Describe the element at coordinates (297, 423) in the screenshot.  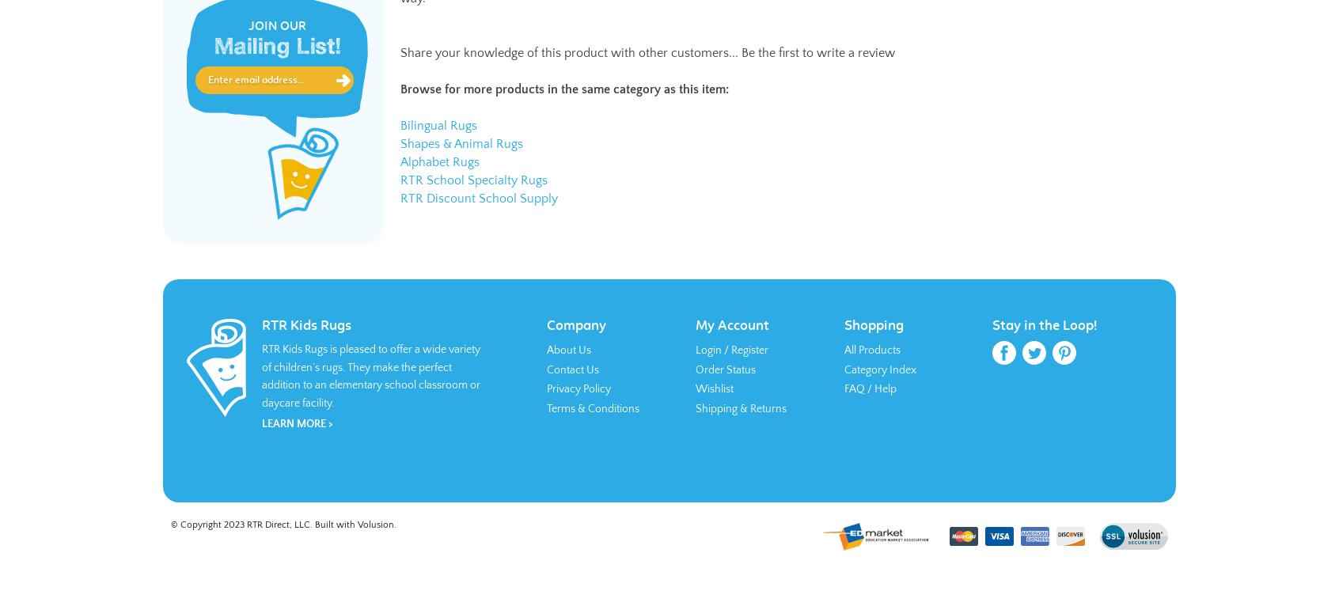
I see `'Learn more >'` at that location.